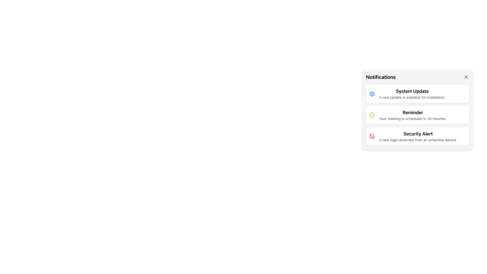 This screenshot has width=487, height=274. Describe the element at coordinates (412, 91) in the screenshot. I see `text from the notification title, which displays 'System Update' above the description in the notification card` at that location.